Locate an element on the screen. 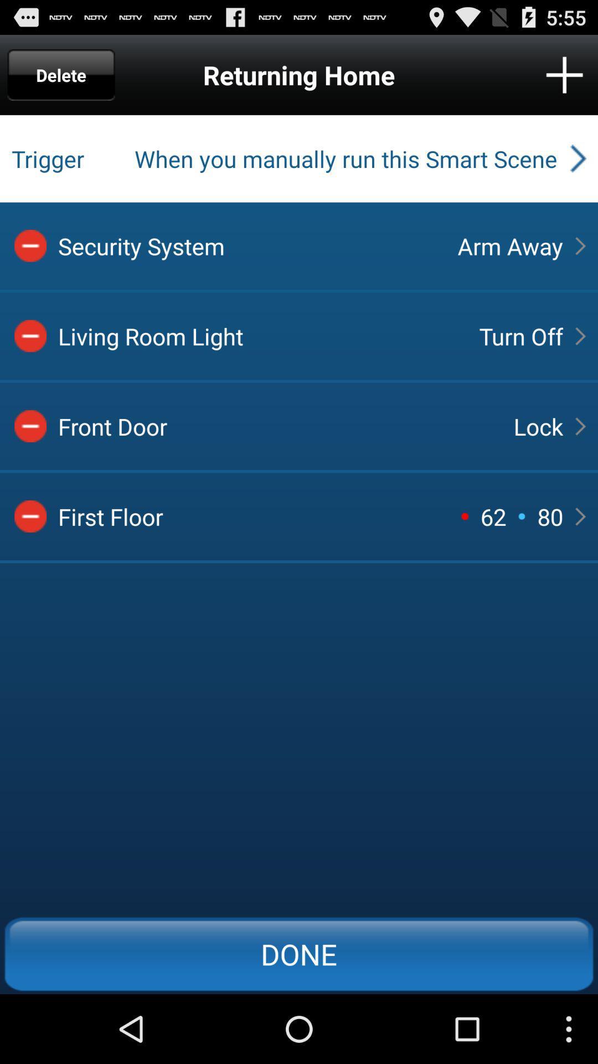  delete or get rid off is located at coordinates (30, 335).